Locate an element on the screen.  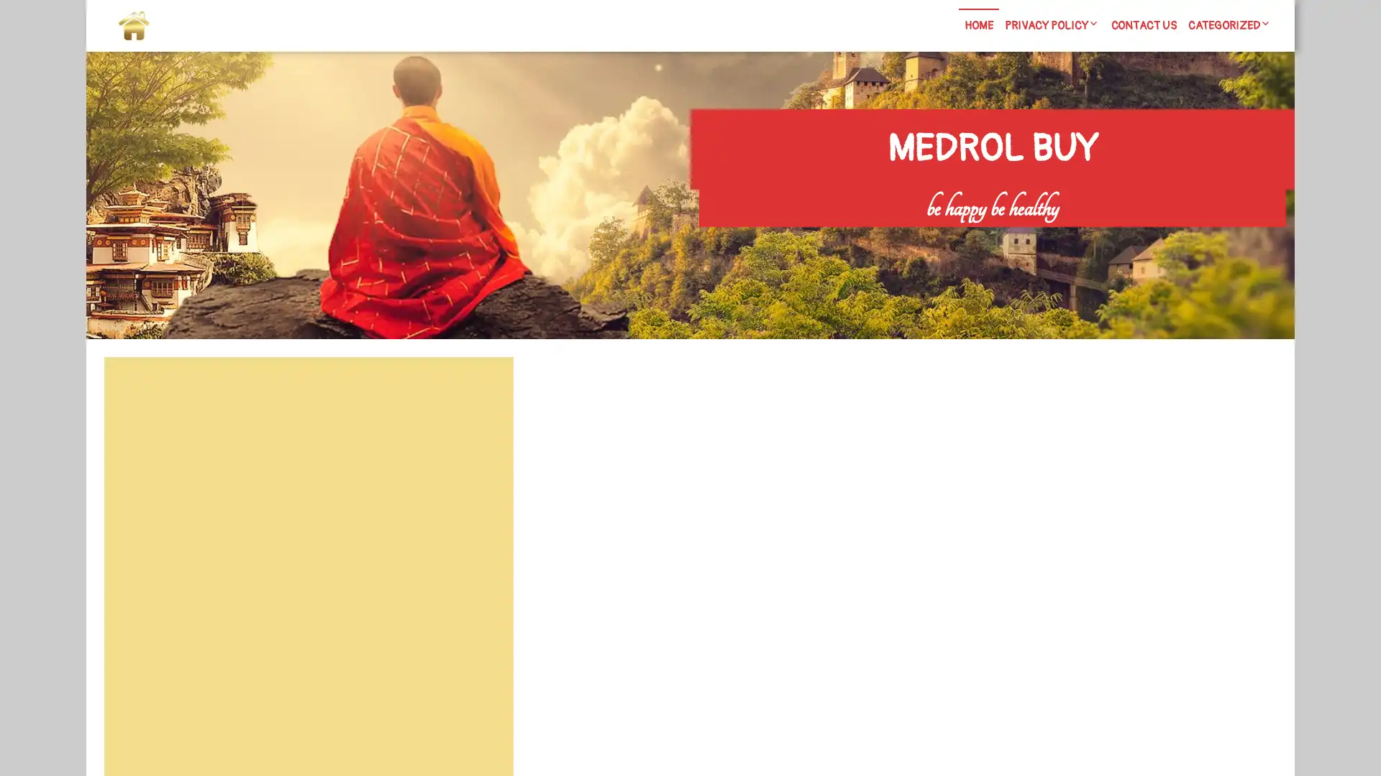
Search is located at coordinates (480, 392).